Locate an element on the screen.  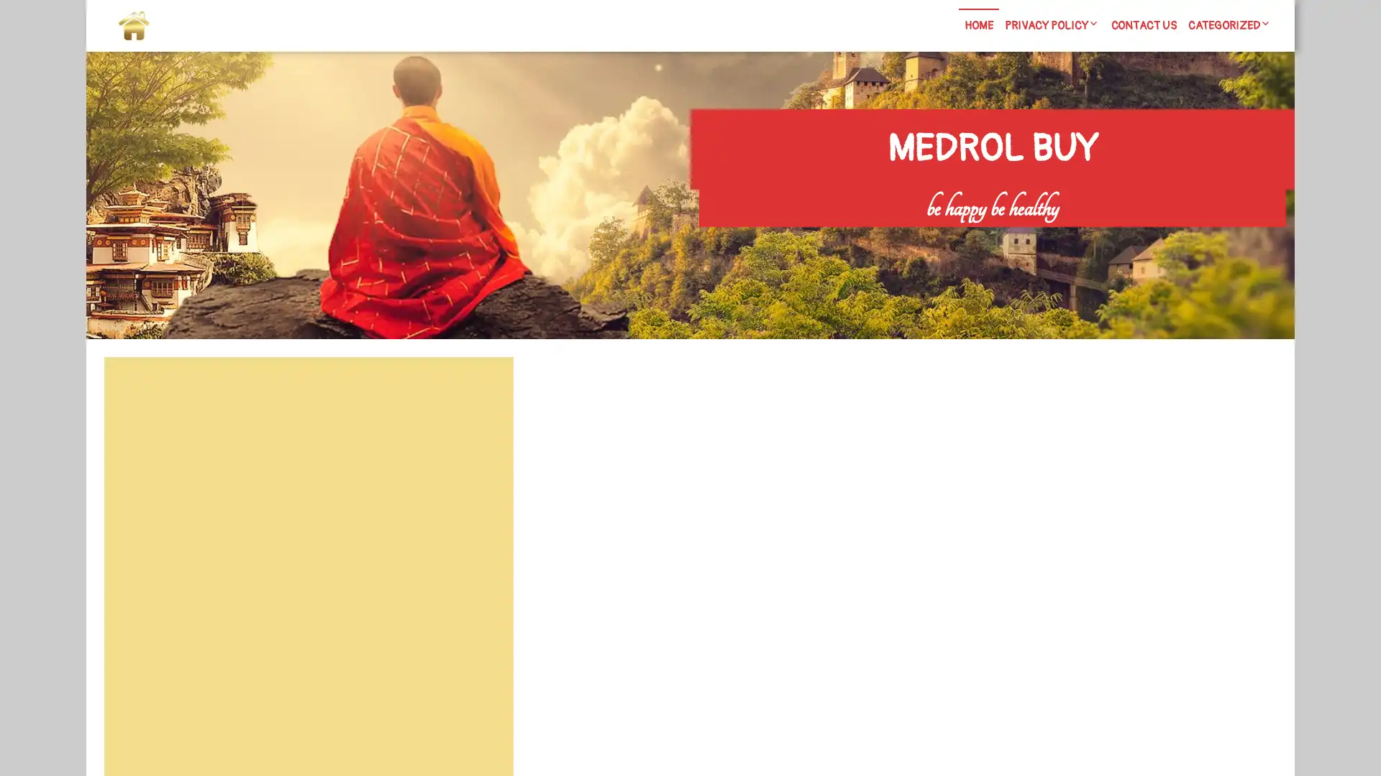
Search is located at coordinates (480, 392).